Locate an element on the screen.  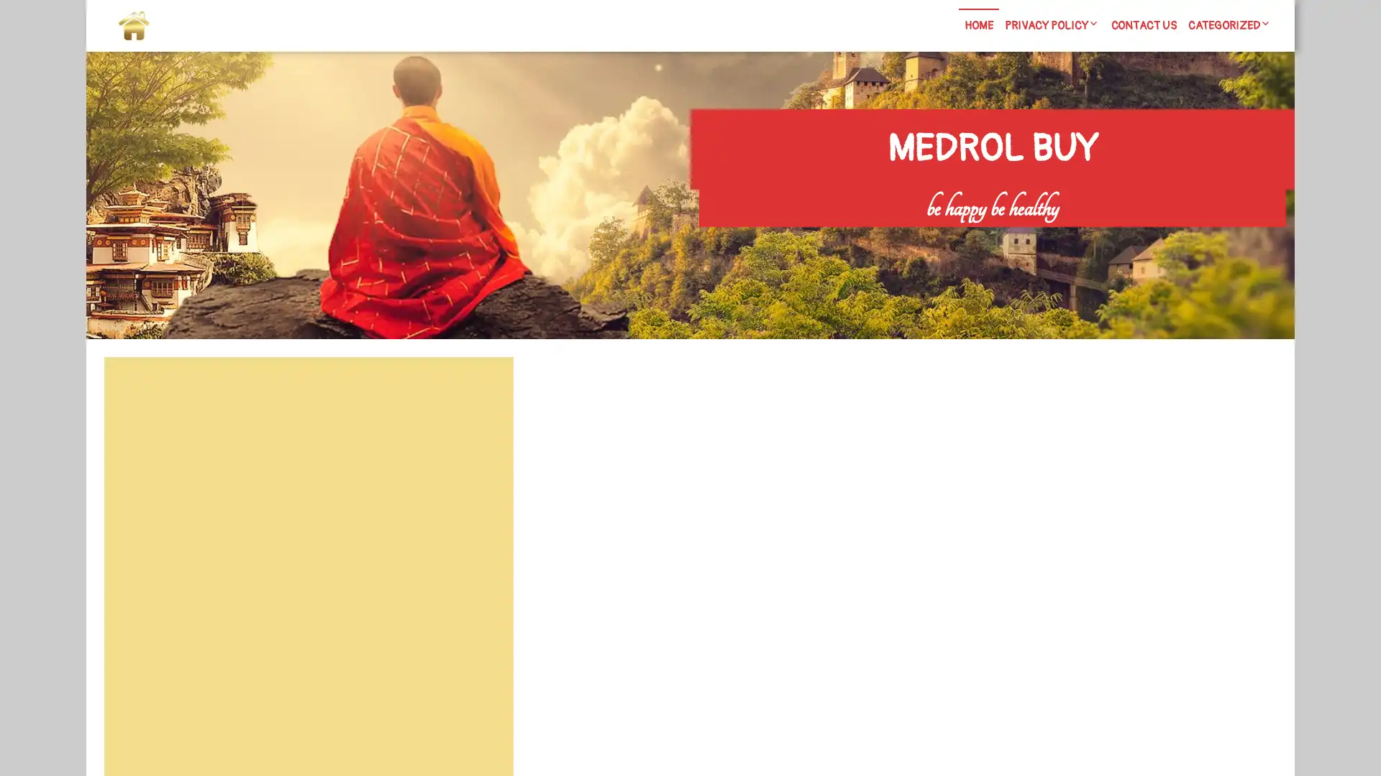
Search is located at coordinates (480, 392).